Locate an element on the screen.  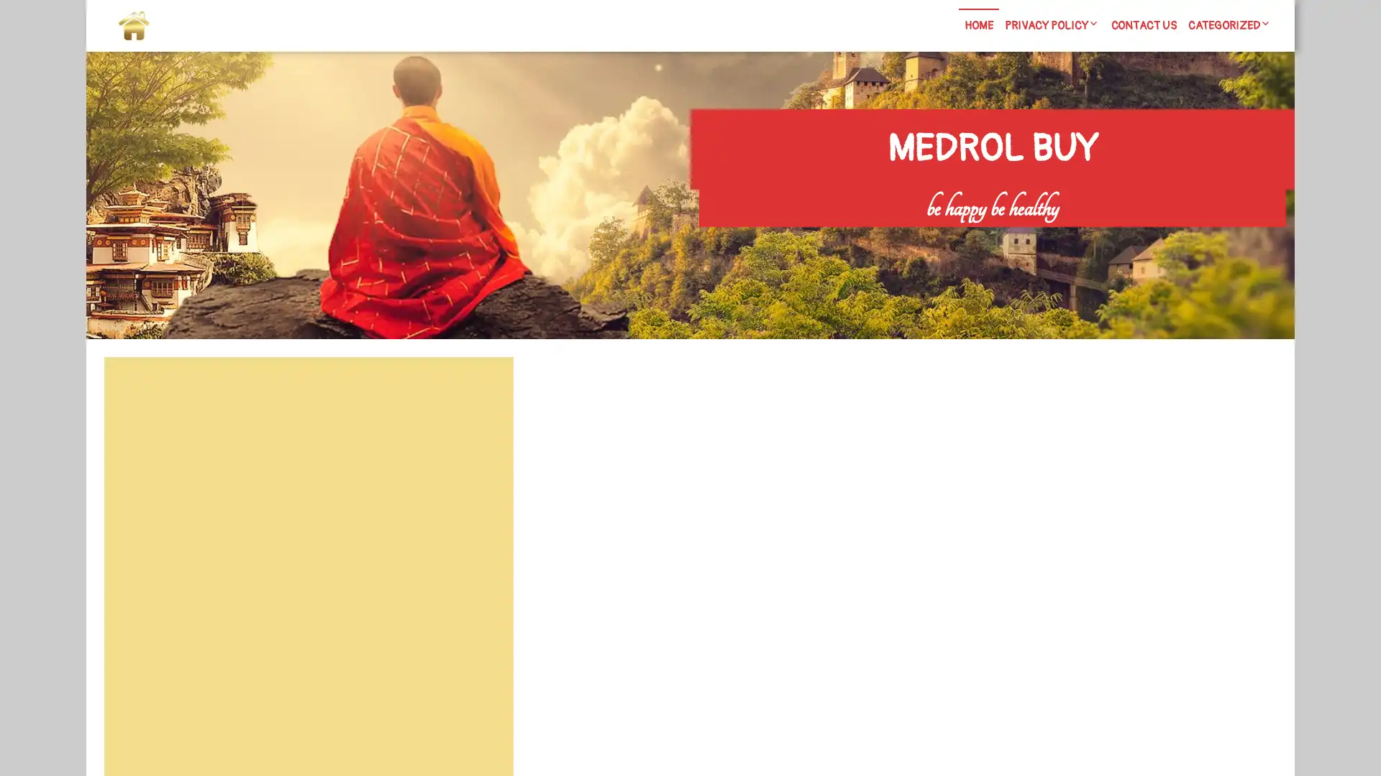
Search is located at coordinates (480, 392).